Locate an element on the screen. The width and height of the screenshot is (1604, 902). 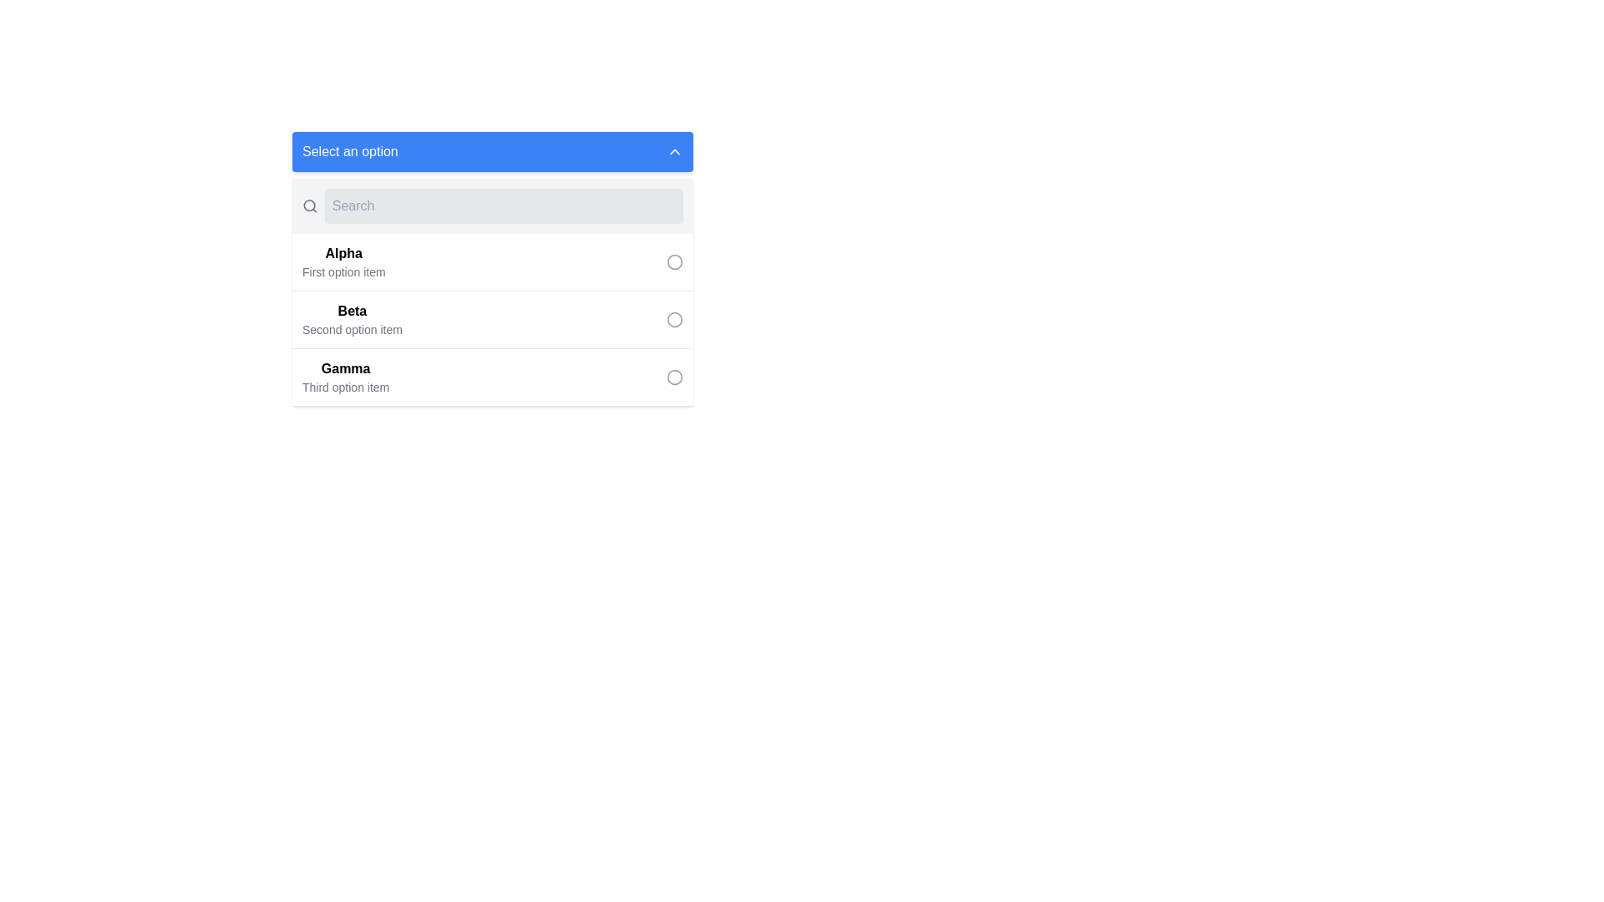
the Dropdown toggle button labeled 'Select an option' is located at coordinates (492, 151).